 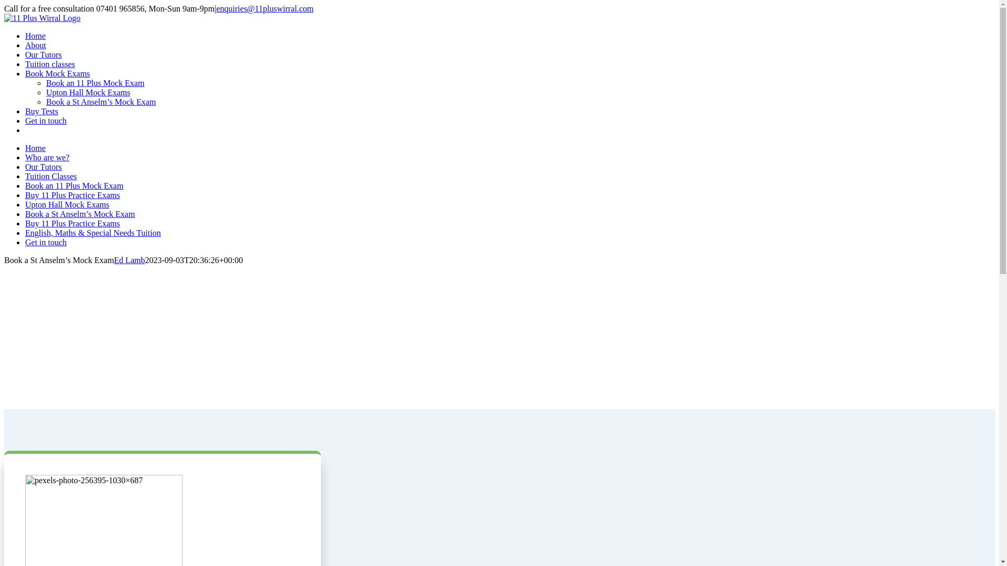 What do you see at coordinates (25, 204) in the screenshot?
I see `'Upton Hall Mock Exams'` at bounding box center [25, 204].